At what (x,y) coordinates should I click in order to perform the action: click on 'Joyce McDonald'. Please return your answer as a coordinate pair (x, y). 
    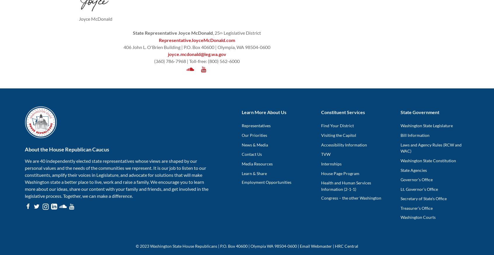
    Looking at the image, I should click on (79, 18).